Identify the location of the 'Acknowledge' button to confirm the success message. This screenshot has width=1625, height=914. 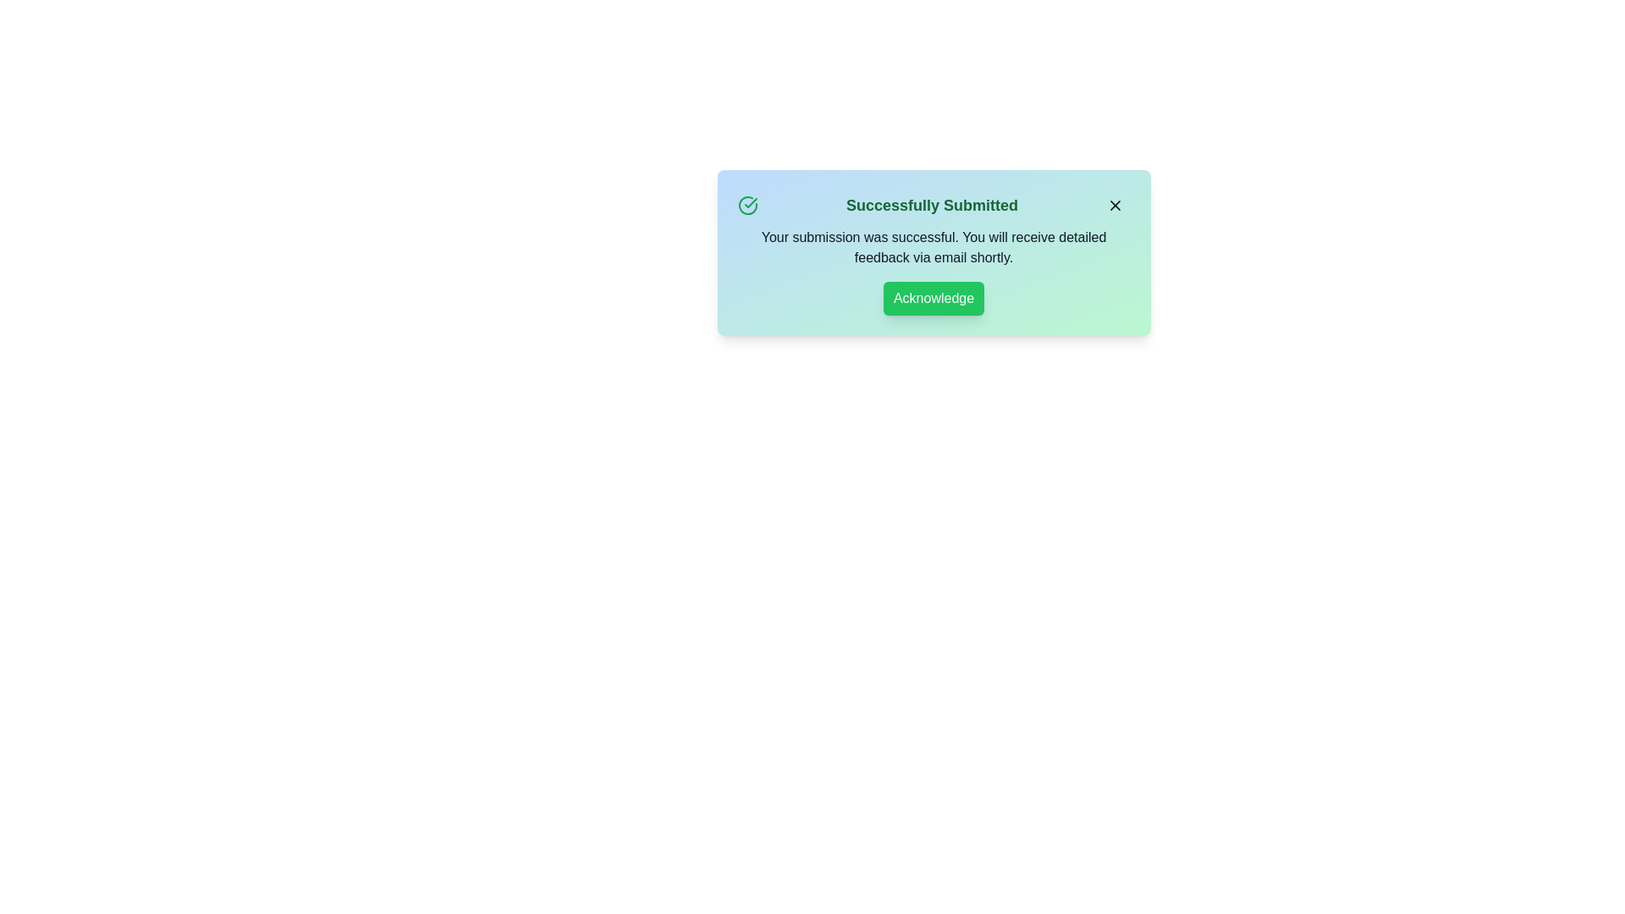
(933, 298).